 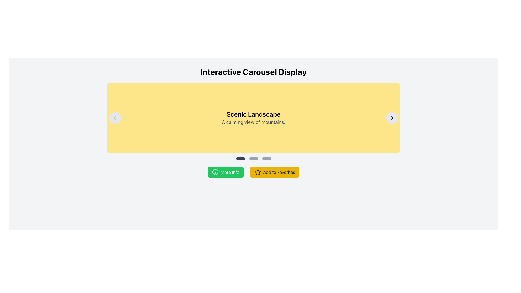 I want to click on the small circular 'info' icon within the green 'More Info' button located at the bottom center of the interface, so click(x=215, y=172).